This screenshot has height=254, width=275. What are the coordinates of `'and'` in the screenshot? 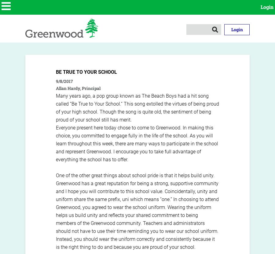 It's located at (213, 191).